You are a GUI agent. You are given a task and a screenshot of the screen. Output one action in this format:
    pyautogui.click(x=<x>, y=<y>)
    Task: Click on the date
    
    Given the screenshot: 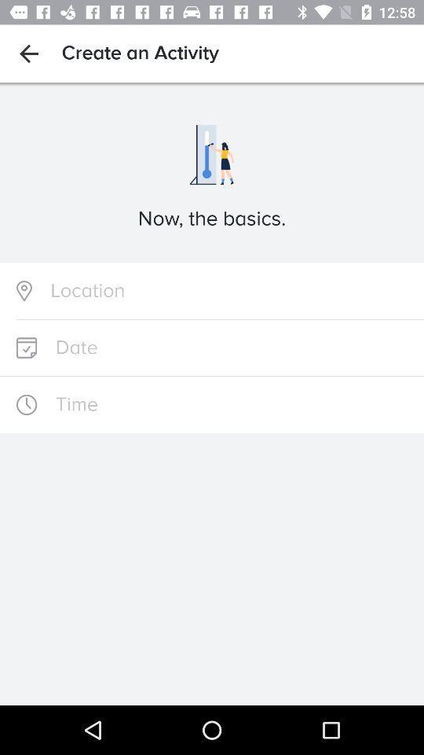 What is the action you would take?
    pyautogui.click(x=212, y=348)
    